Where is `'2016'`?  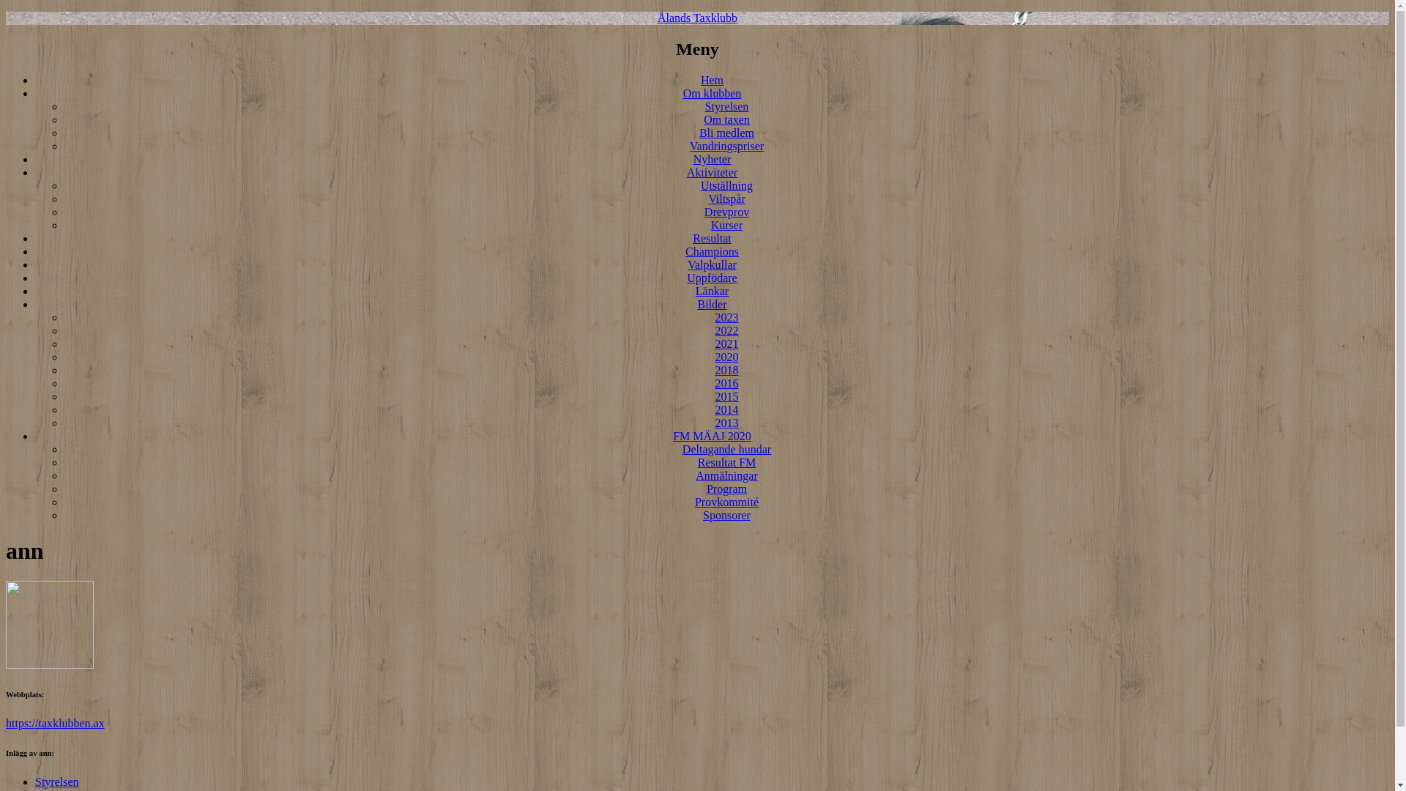
'2016' is located at coordinates (726, 382).